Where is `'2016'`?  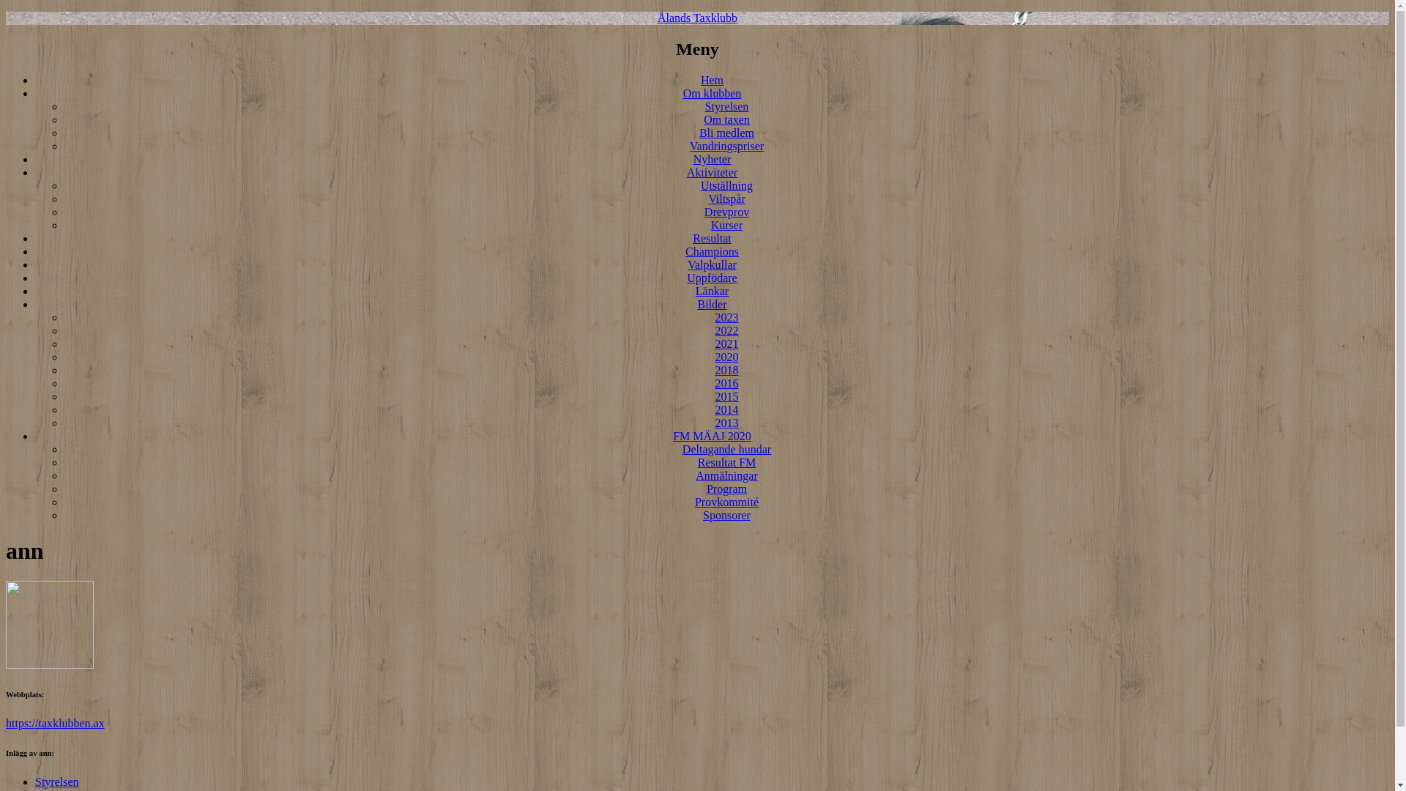
'2016' is located at coordinates (726, 382).